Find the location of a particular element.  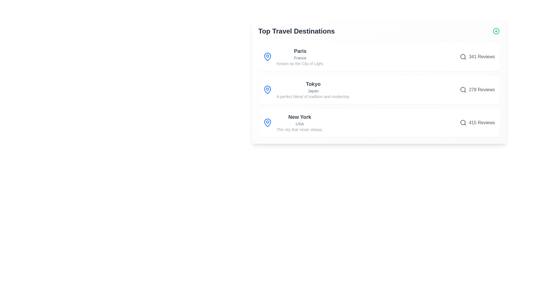

search icon for the destination Paris is located at coordinates (463, 57).